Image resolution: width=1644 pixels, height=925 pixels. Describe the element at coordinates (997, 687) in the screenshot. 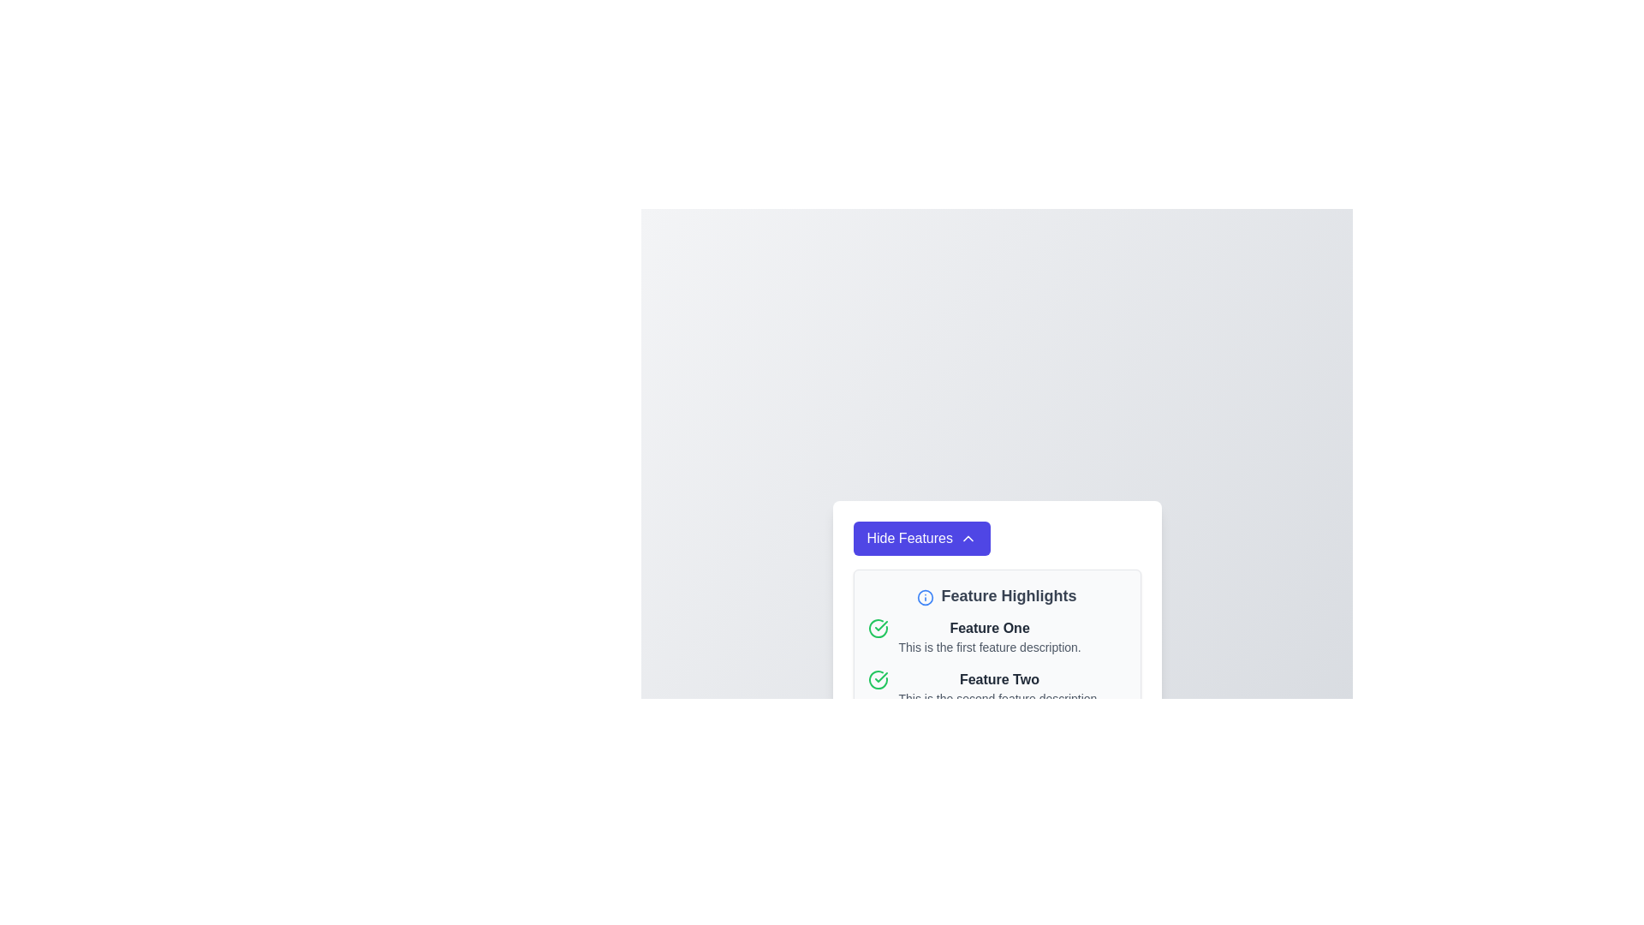

I see `the 'Feature Two' list item element` at that location.